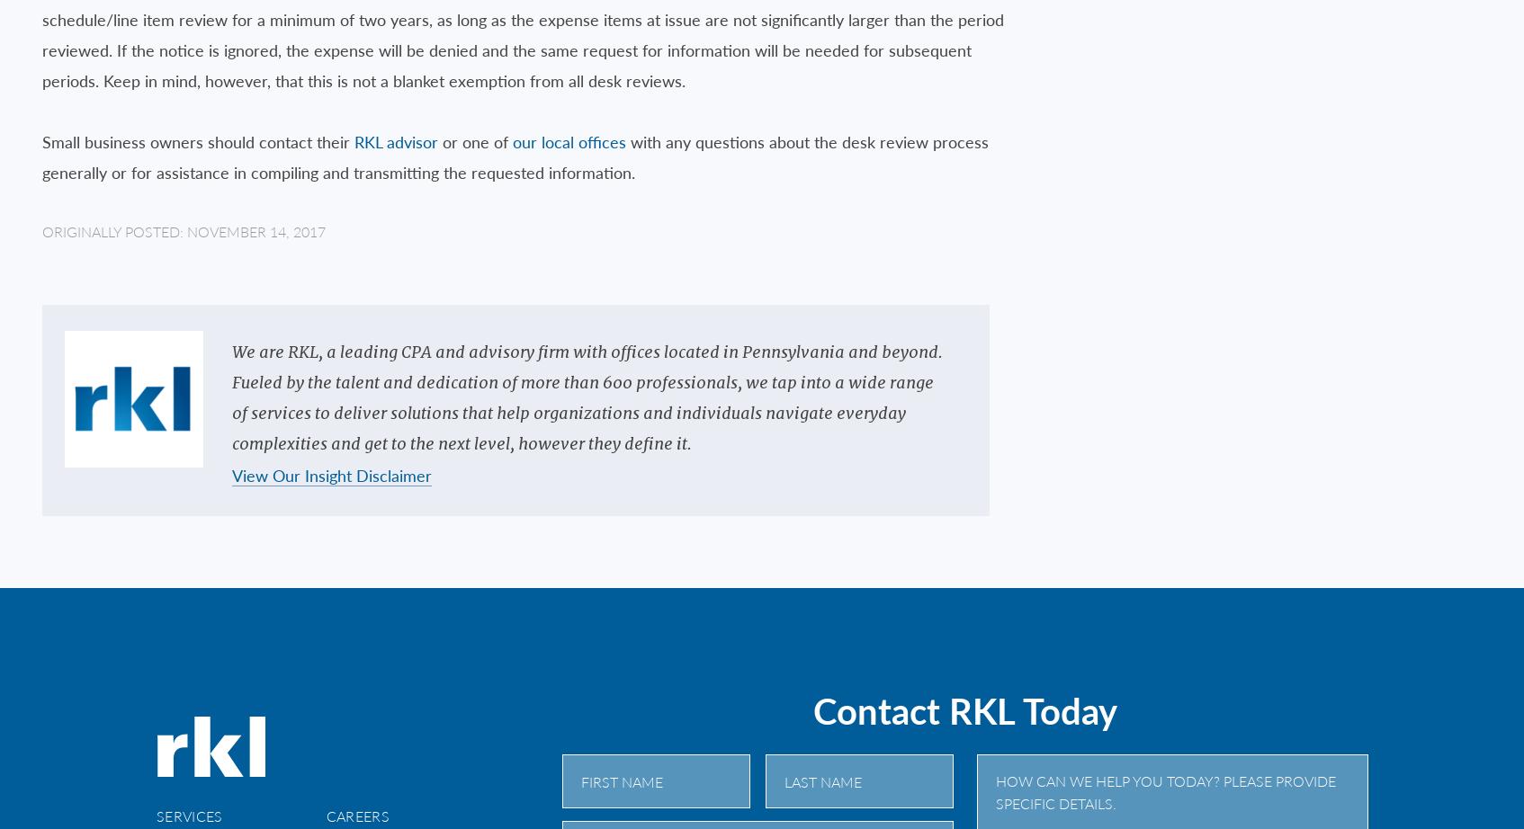 The image size is (1524, 829). I want to click on 'RKL advisor', so click(396, 140).